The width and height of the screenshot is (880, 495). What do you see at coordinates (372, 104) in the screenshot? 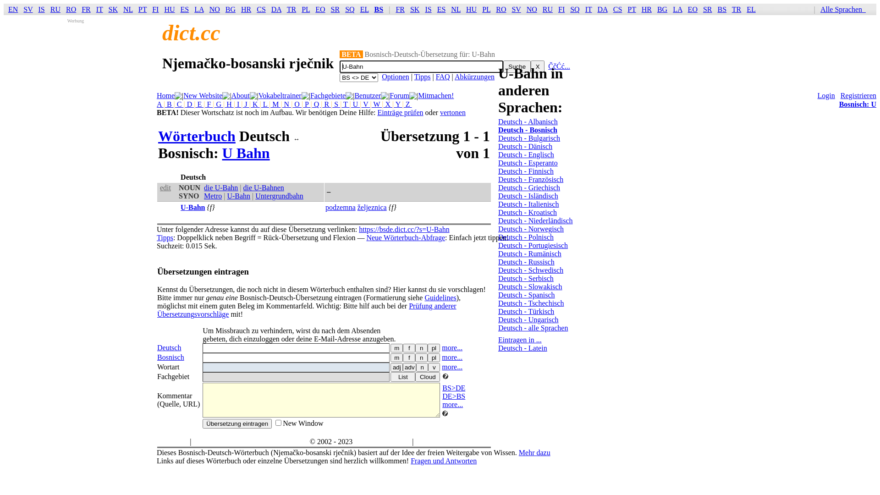
I see `'W'` at bounding box center [372, 104].